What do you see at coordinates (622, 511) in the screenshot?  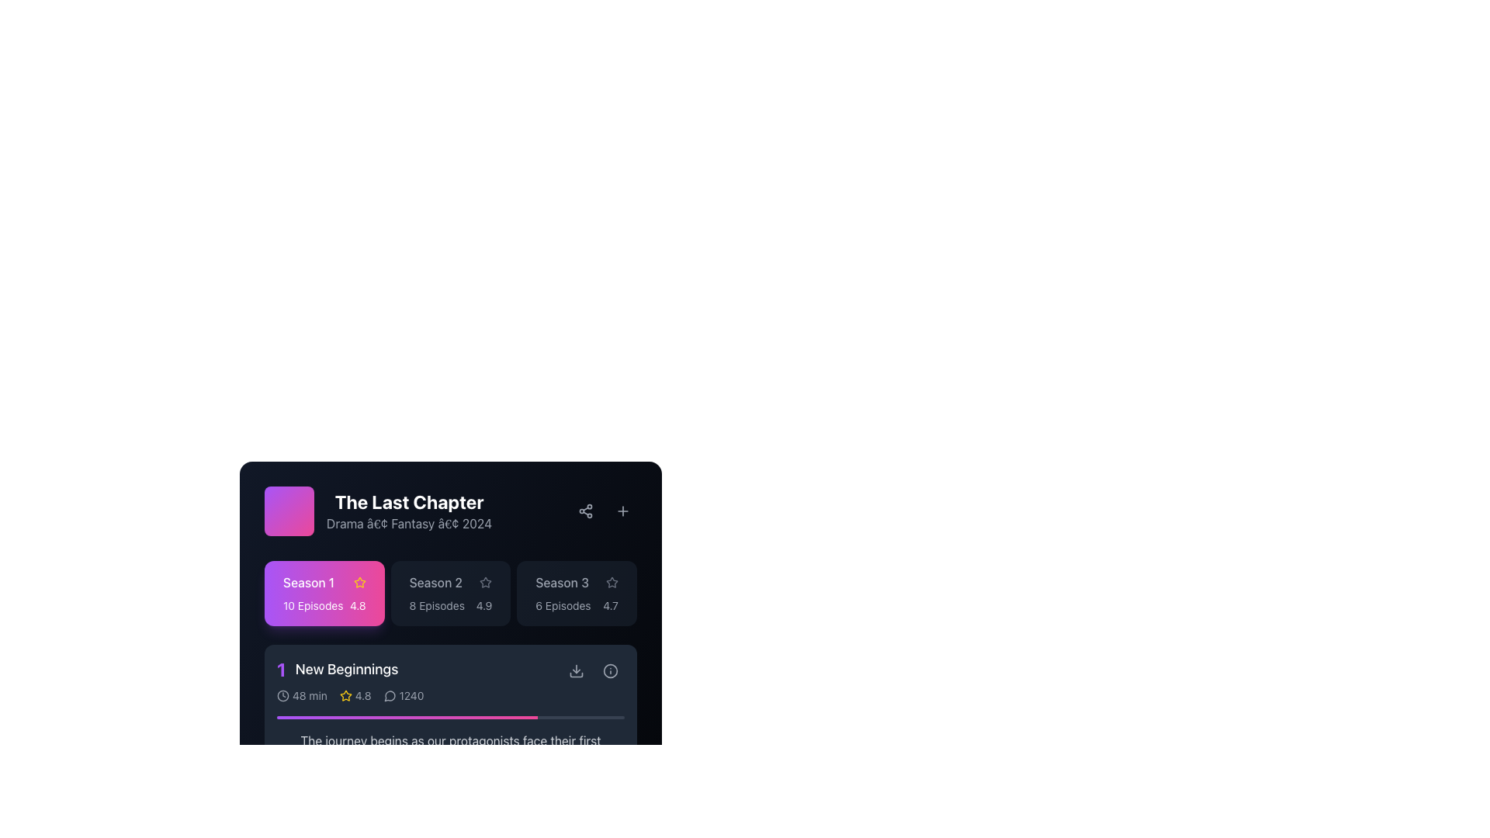 I see `the button with an icon located at the top right corner of the card-like interface` at bounding box center [622, 511].